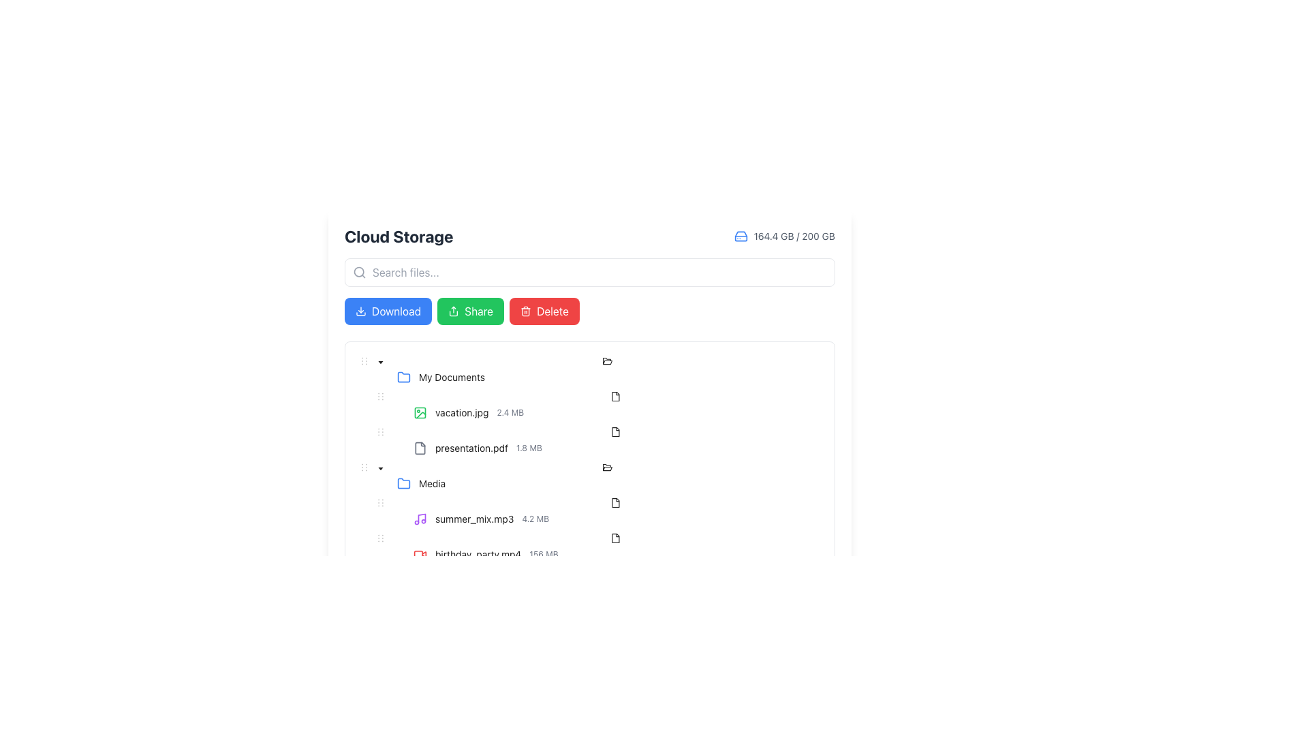 The height and width of the screenshot is (736, 1308). Describe the element at coordinates (607, 467) in the screenshot. I see `the icon representing the open state of the 'Media' folder, located slightly left of the centerline in the 'Media' folder row, adjacent to the 'Media' text label` at that location.